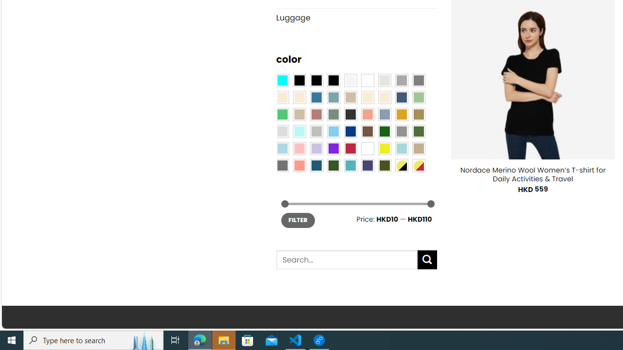 Image resolution: width=623 pixels, height=350 pixels. What do you see at coordinates (347, 259) in the screenshot?
I see `'Search for:'` at bounding box center [347, 259].